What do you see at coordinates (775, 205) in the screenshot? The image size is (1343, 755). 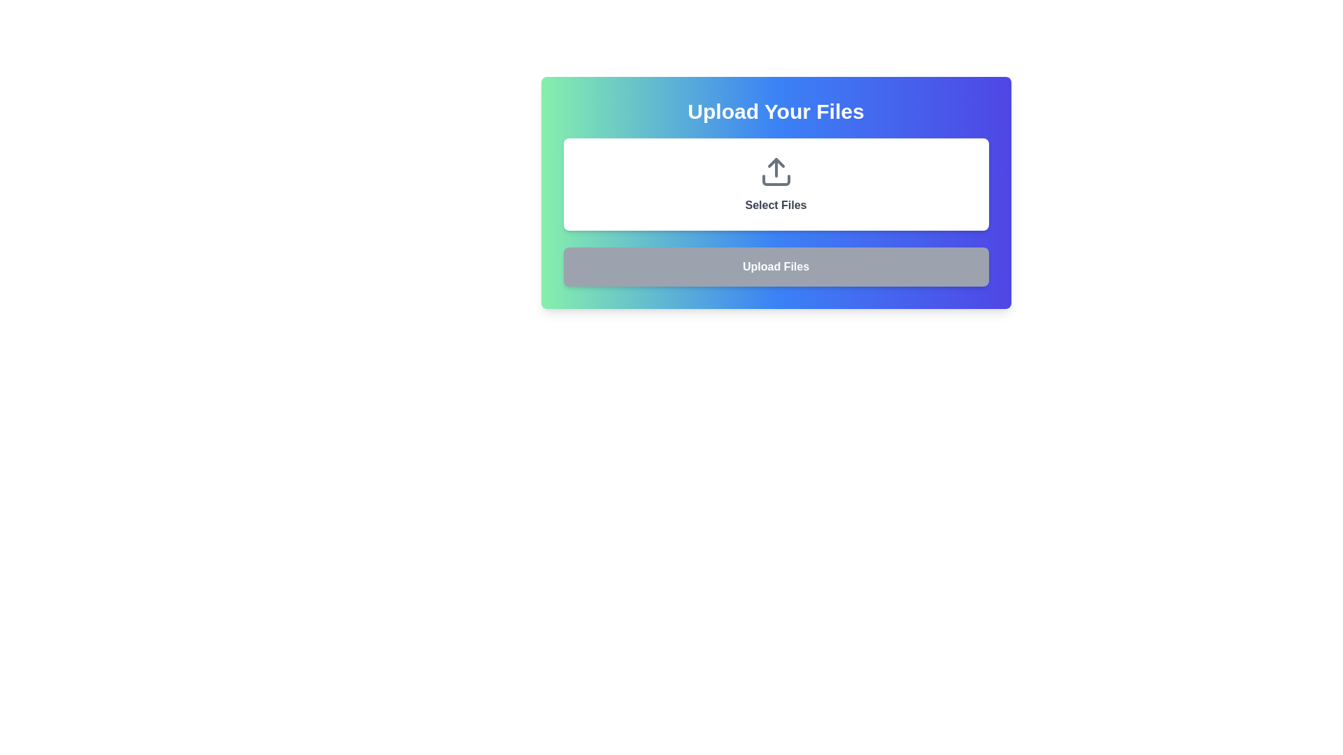 I see `the 'Select Files' text label, which is styled in bold and is located beneath an upload symbol SVG icon` at bounding box center [775, 205].